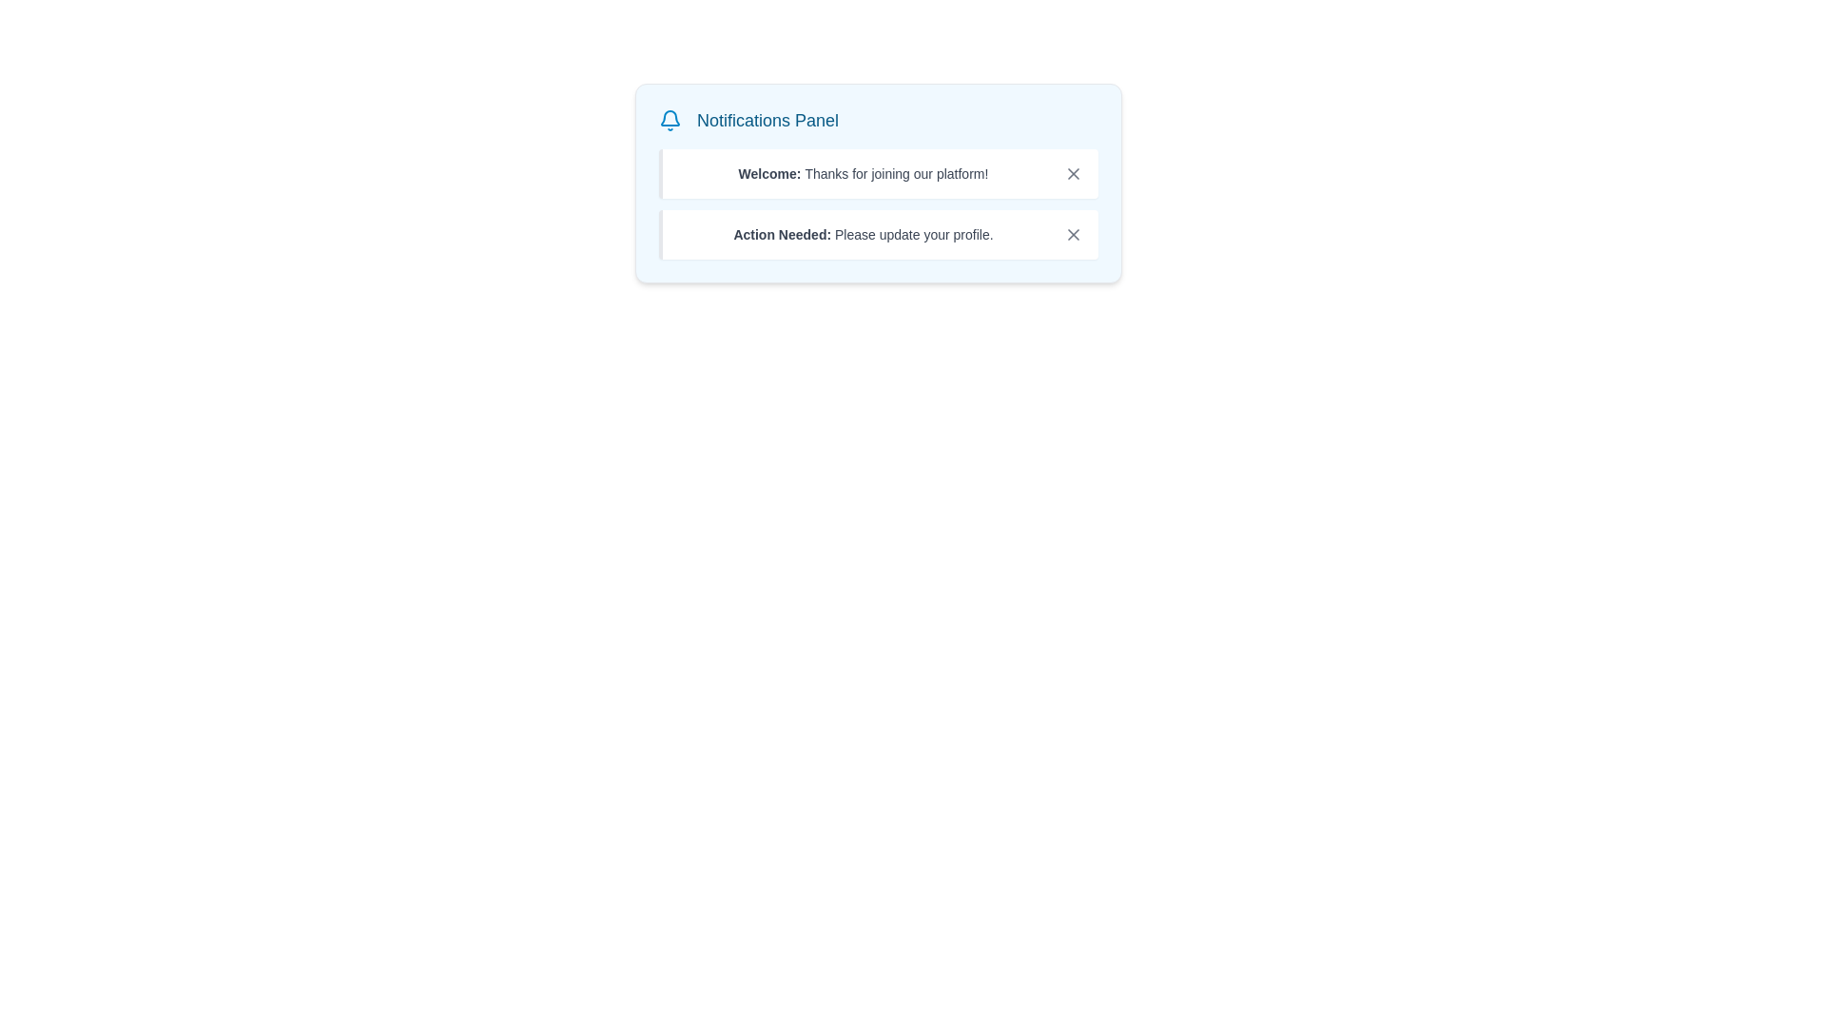  What do you see at coordinates (784, 233) in the screenshot?
I see `the Text Label serving as the header for the notification in the Notifications Panel, which emphasizes the urgency or importance of the message` at bounding box center [784, 233].